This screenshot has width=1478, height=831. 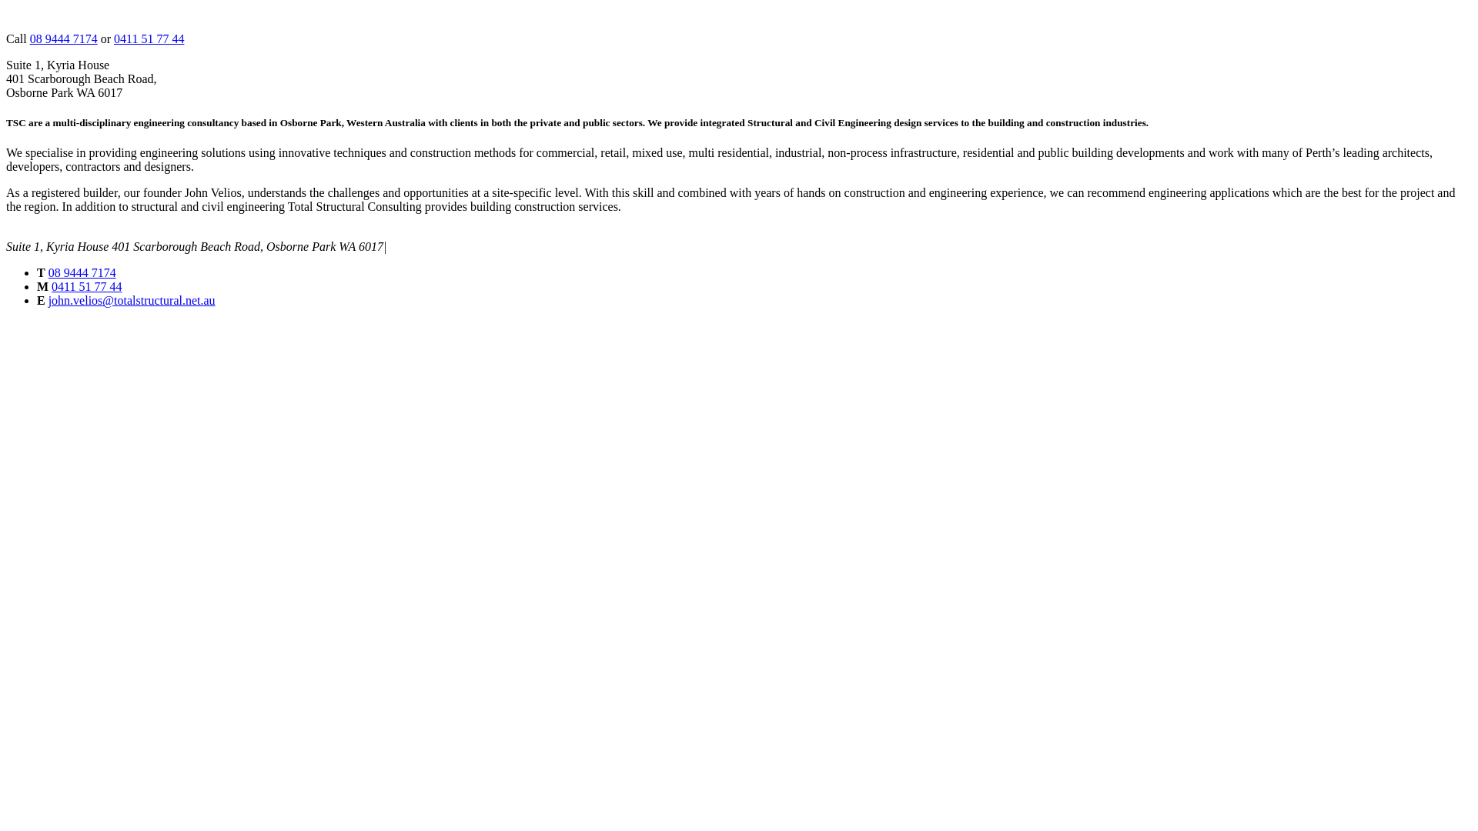 I want to click on '08 9444 7174', so click(x=48, y=272).